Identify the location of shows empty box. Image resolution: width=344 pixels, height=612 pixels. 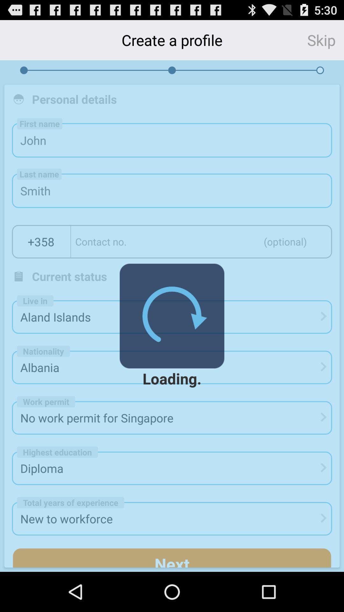
(201, 241).